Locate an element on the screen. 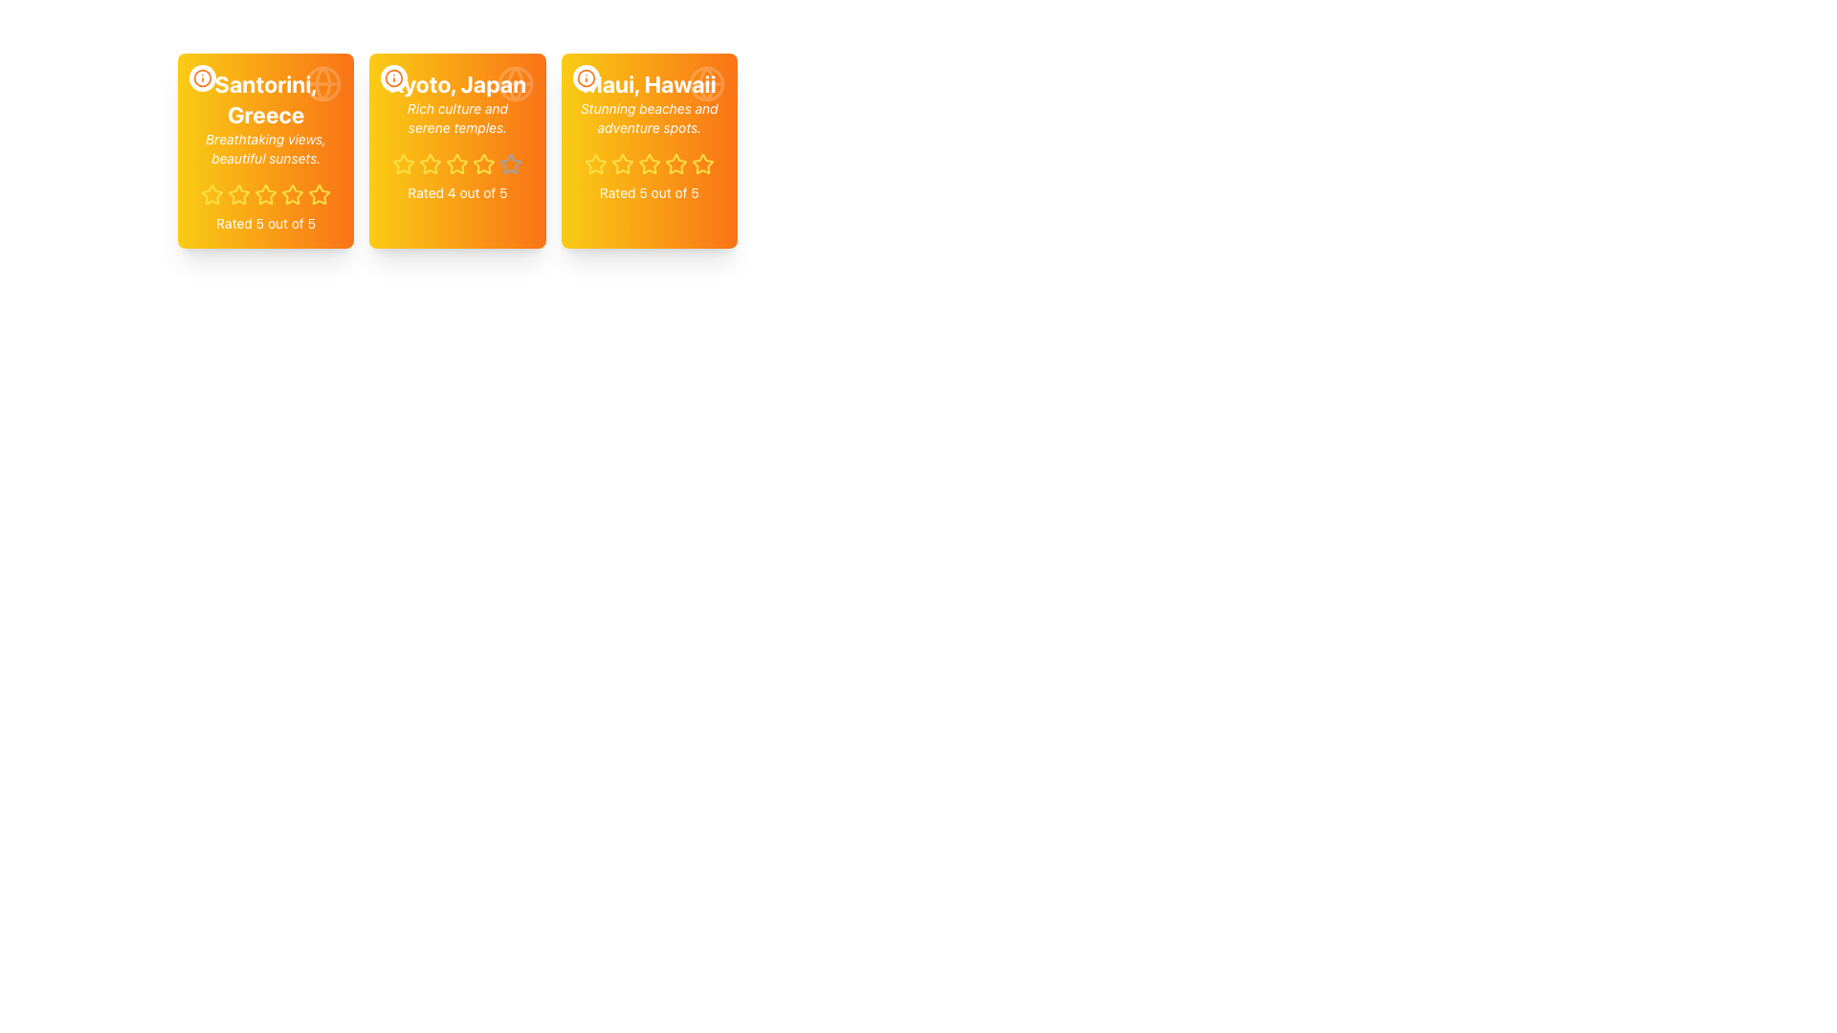 This screenshot has height=1033, width=1837. the globe icon located in the top-right corner of the card labeled 'Santorini, Greece', which enhances the card's visual appeal is located at coordinates (323, 83).